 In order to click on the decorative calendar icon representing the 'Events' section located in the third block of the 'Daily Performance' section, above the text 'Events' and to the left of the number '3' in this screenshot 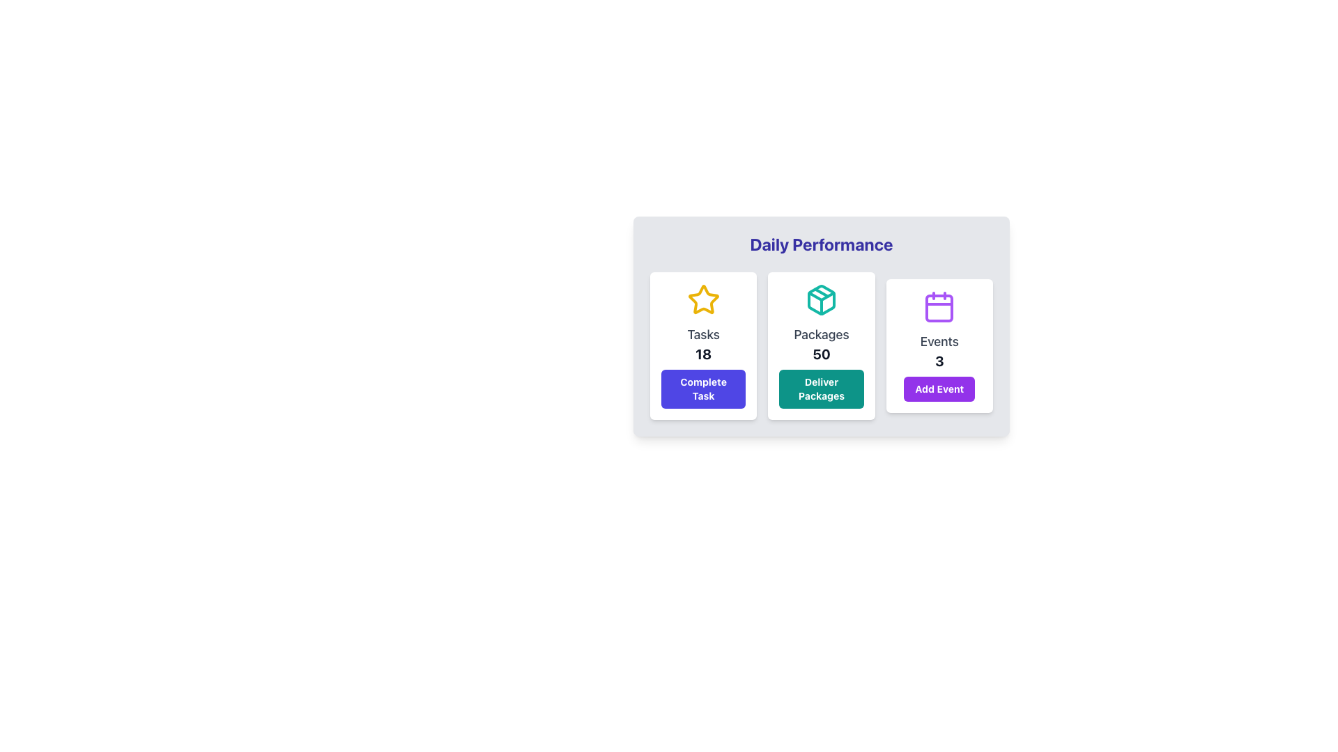, I will do `click(939, 306)`.